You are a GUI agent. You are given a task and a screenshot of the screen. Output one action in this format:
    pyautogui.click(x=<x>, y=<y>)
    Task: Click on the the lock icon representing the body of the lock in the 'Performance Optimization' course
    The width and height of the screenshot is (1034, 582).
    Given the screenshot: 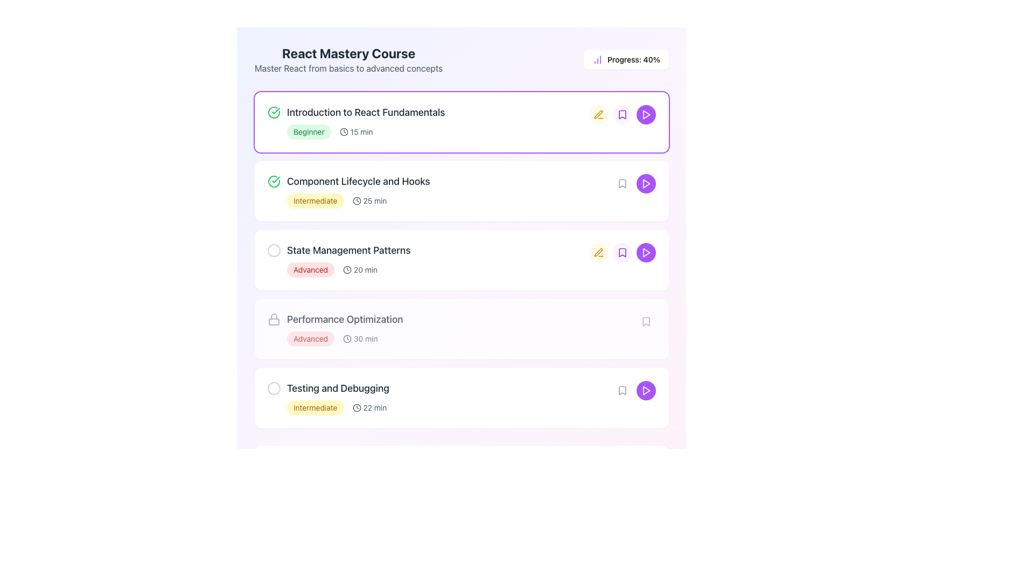 What is the action you would take?
    pyautogui.click(x=274, y=321)
    